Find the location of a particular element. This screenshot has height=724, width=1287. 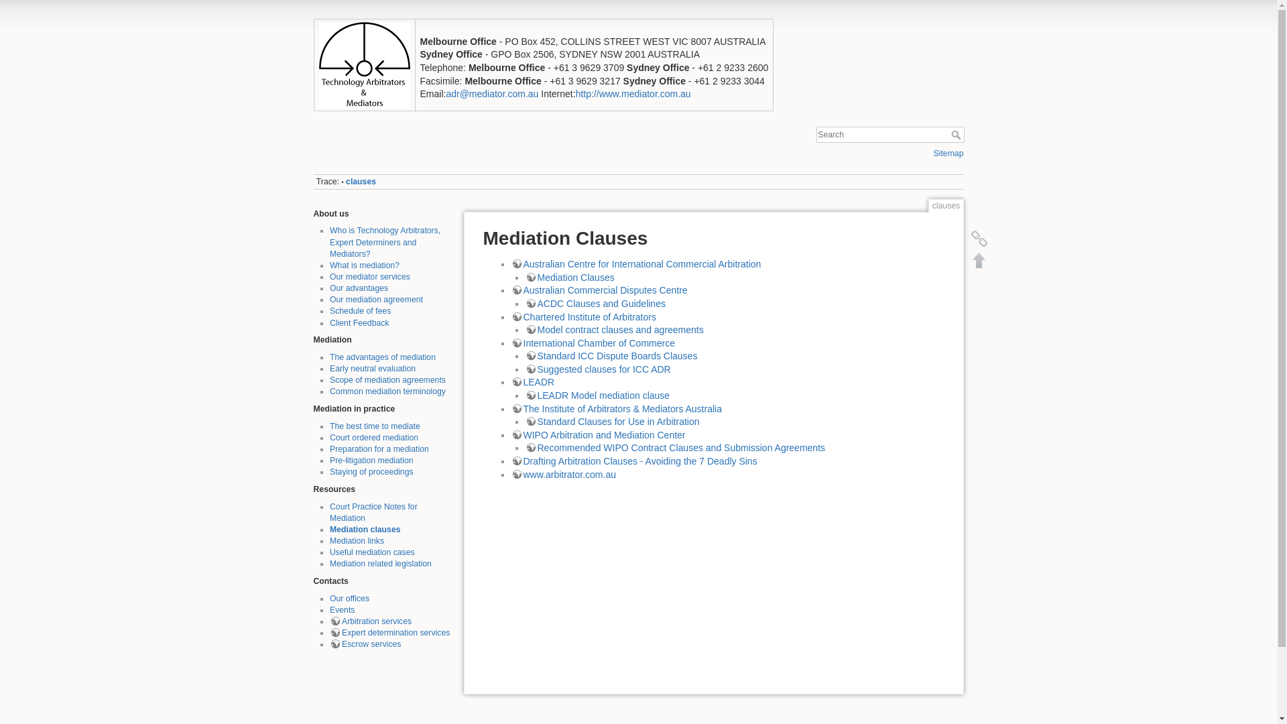

'Mediation Clauses' is located at coordinates (570, 276).